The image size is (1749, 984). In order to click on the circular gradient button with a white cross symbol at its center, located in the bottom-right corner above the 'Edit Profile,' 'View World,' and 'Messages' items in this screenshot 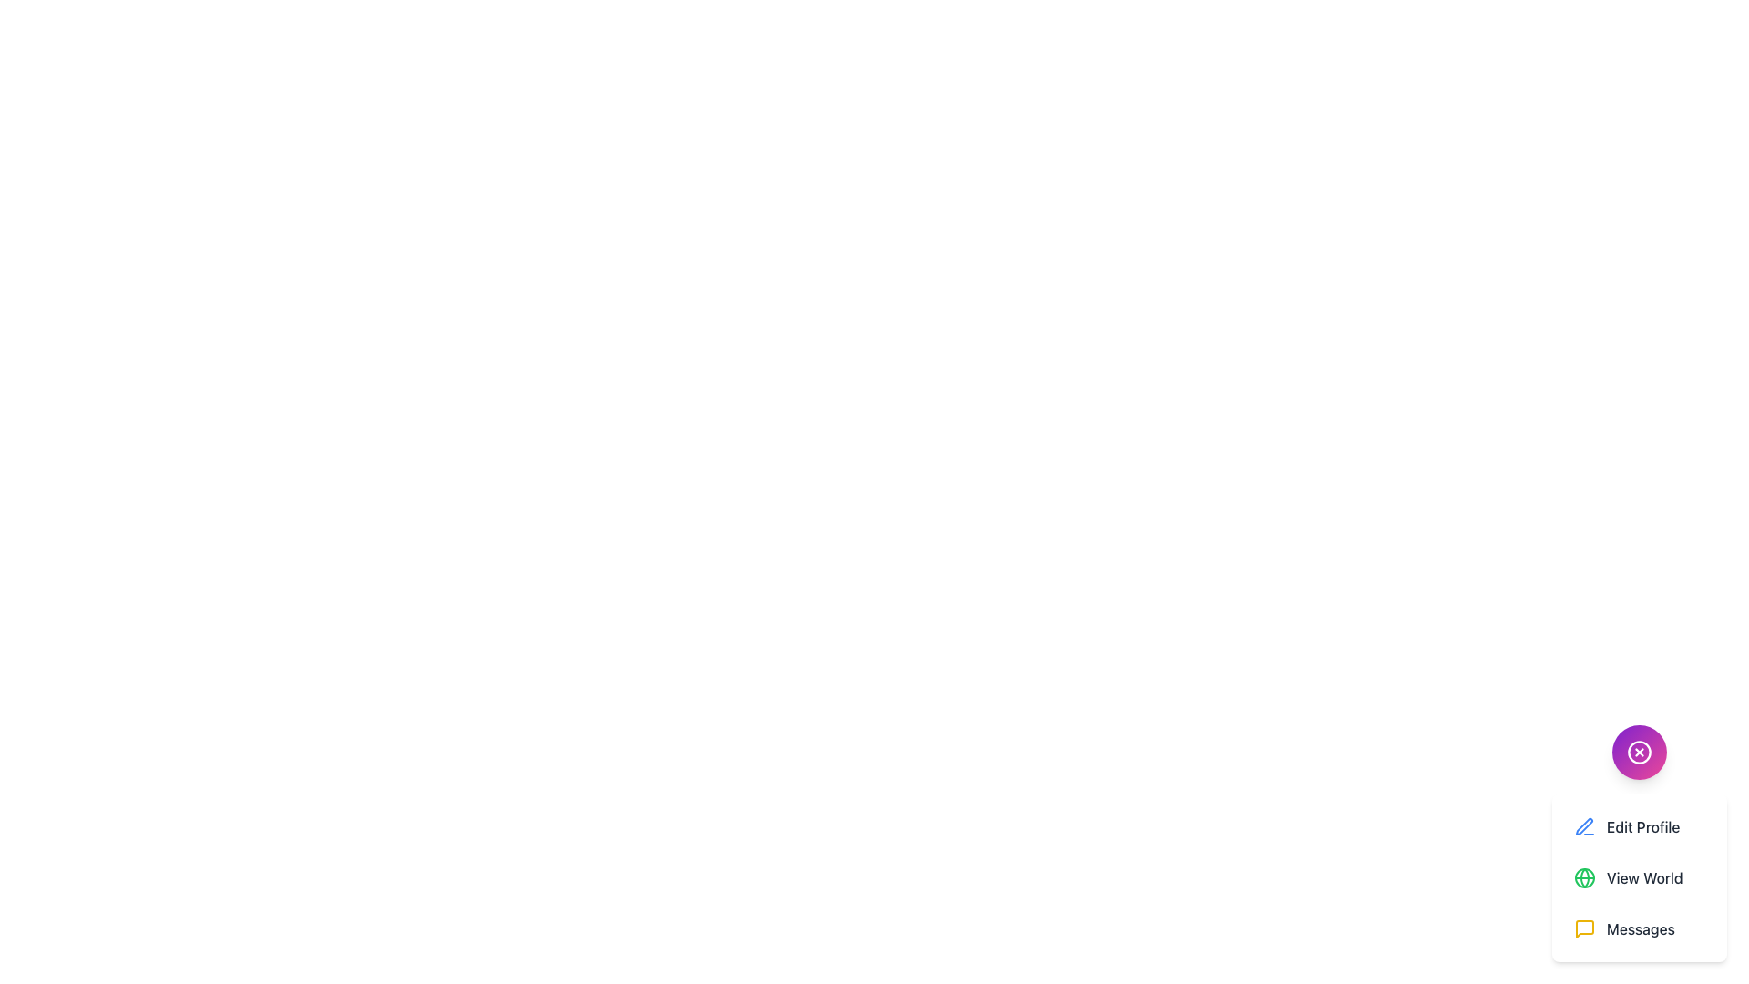, I will do `click(1640, 752)`.